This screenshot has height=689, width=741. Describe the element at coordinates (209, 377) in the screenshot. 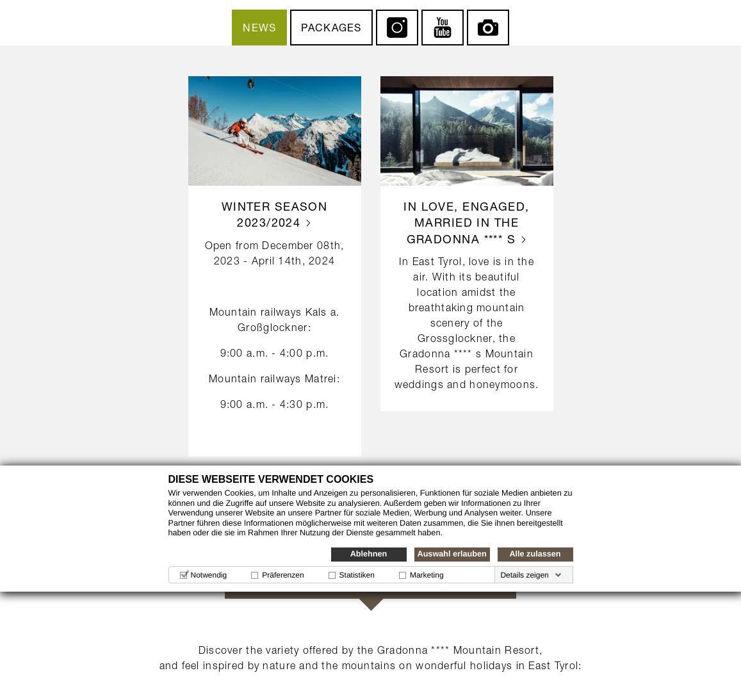

I see `'Mountain railways Matrei:'` at that location.